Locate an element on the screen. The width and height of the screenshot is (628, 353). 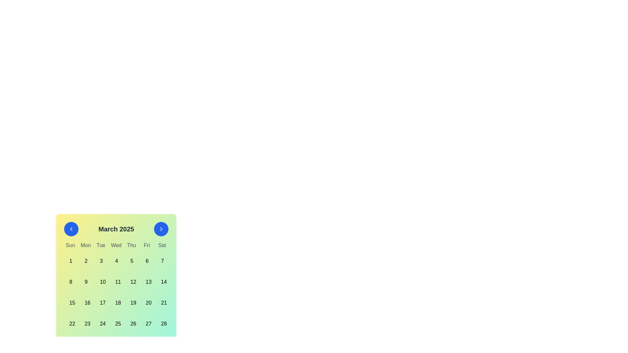
the rounded rectangular button labeled '16' in the fifth row and second column of the calendar is located at coordinates (85, 303).